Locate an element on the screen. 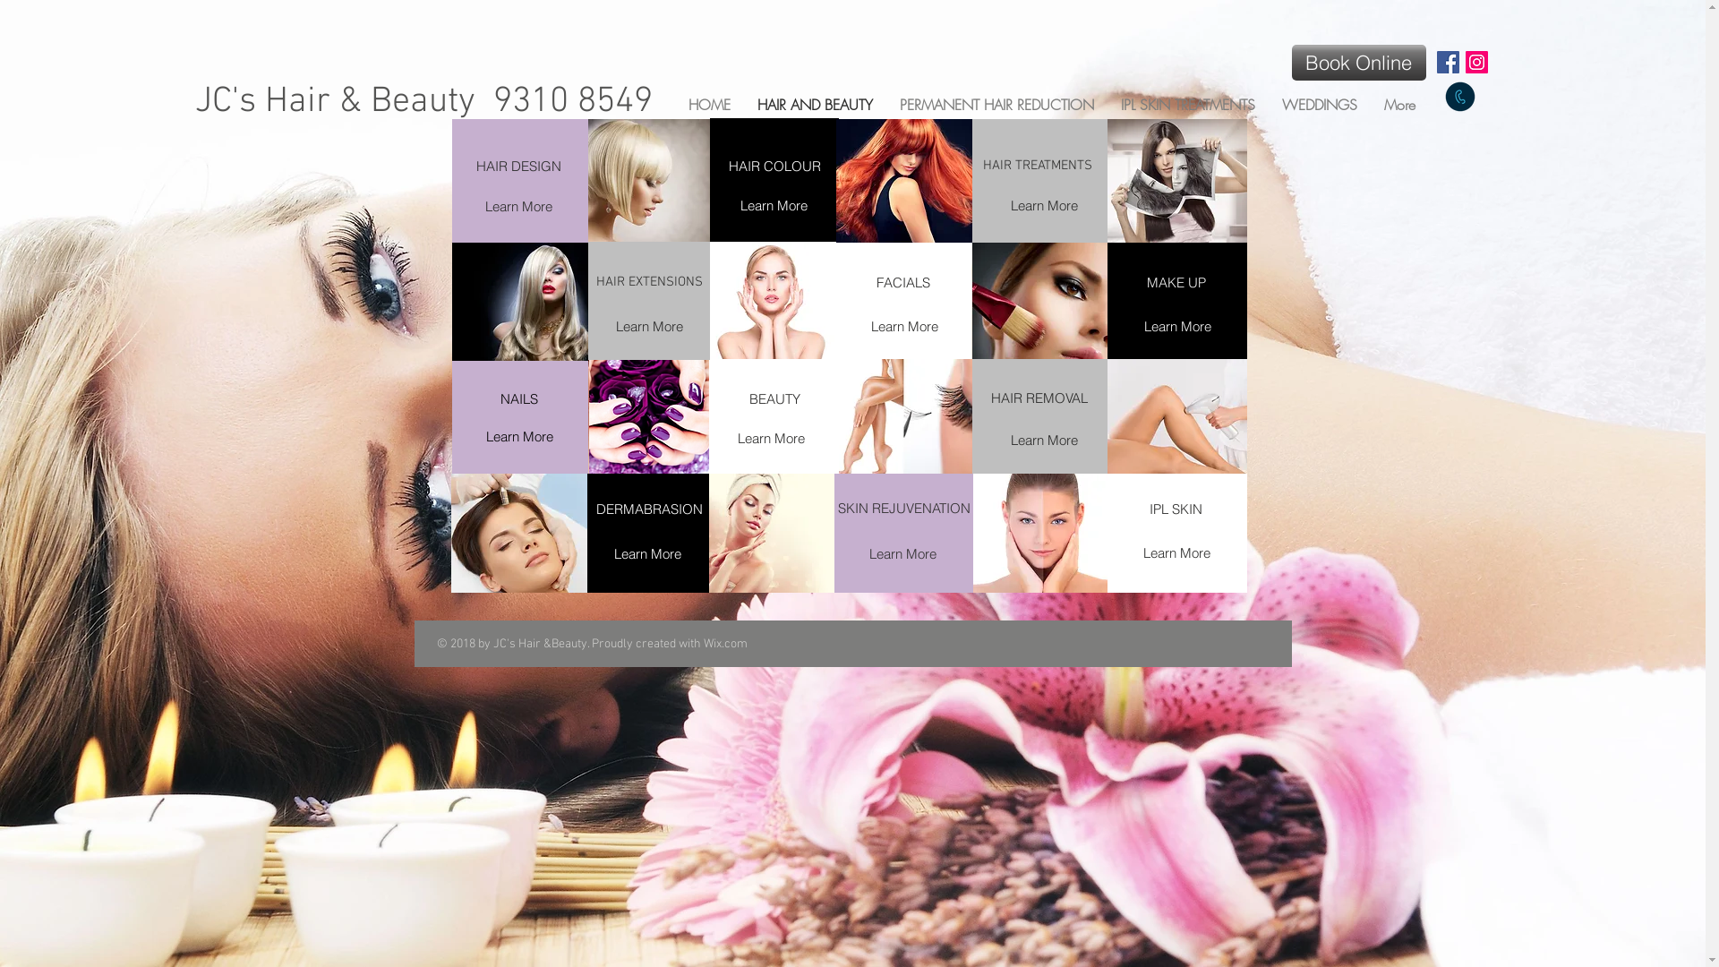  'DERMABRASION' is located at coordinates (648, 508).